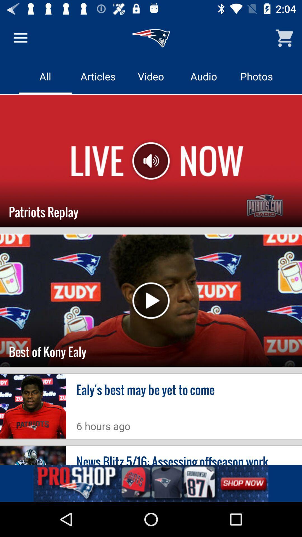 The image size is (302, 537). I want to click on video, so click(151, 76).